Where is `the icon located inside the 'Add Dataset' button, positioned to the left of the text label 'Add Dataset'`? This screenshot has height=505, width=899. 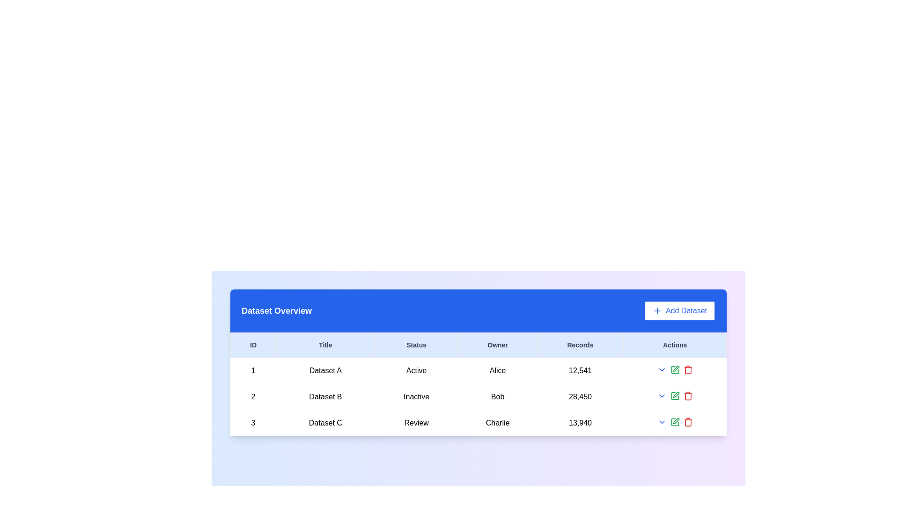
the icon located inside the 'Add Dataset' button, positioned to the left of the text label 'Add Dataset' is located at coordinates (656, 310).